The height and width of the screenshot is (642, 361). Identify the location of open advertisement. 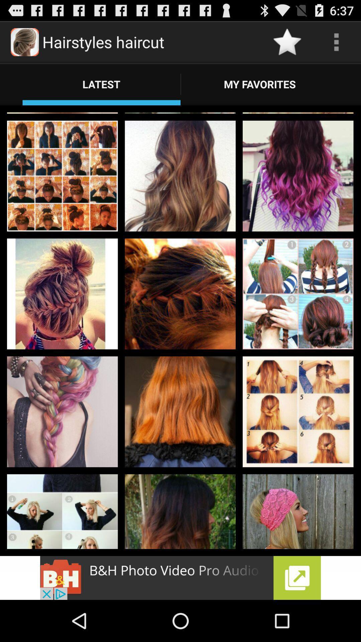
(180, 577).